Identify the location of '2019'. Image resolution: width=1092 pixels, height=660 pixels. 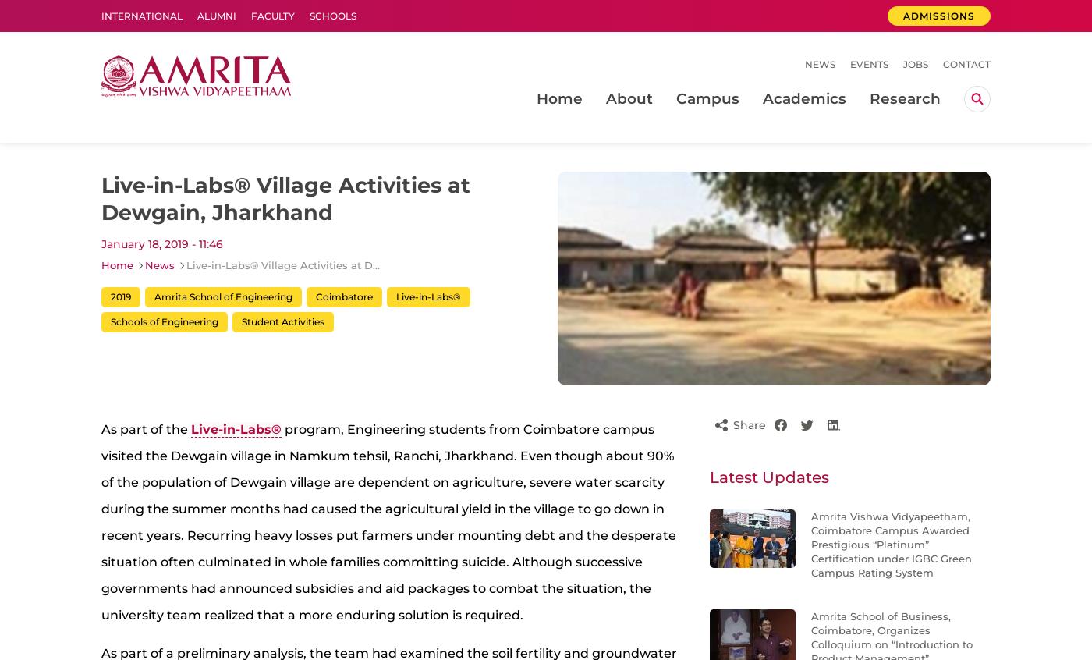
(110, 296).